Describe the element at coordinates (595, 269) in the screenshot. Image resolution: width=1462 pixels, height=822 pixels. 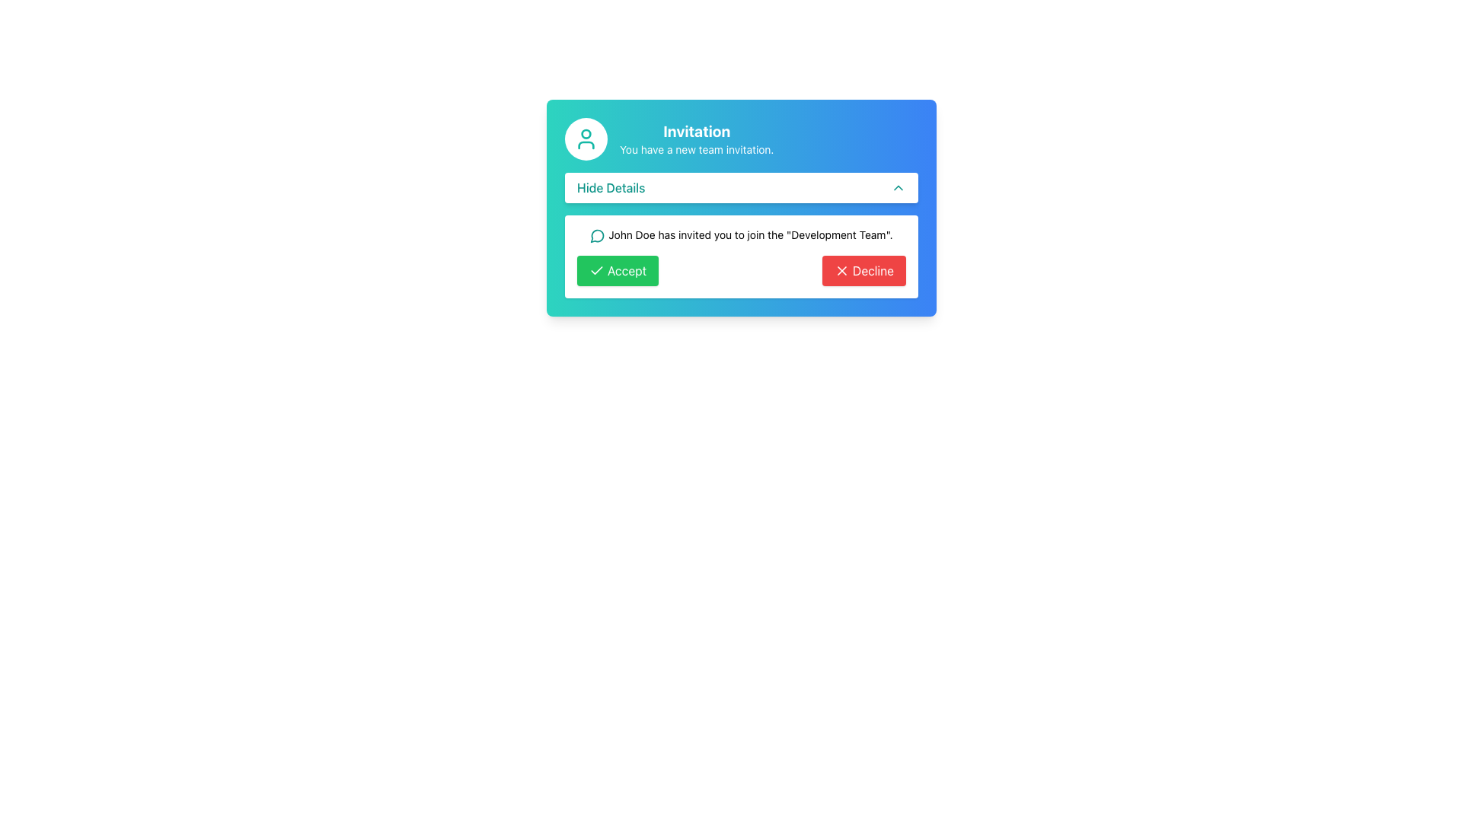
I see `the checked icon within the green 'Accept' button located in the lower section of the dialog box` at that location.